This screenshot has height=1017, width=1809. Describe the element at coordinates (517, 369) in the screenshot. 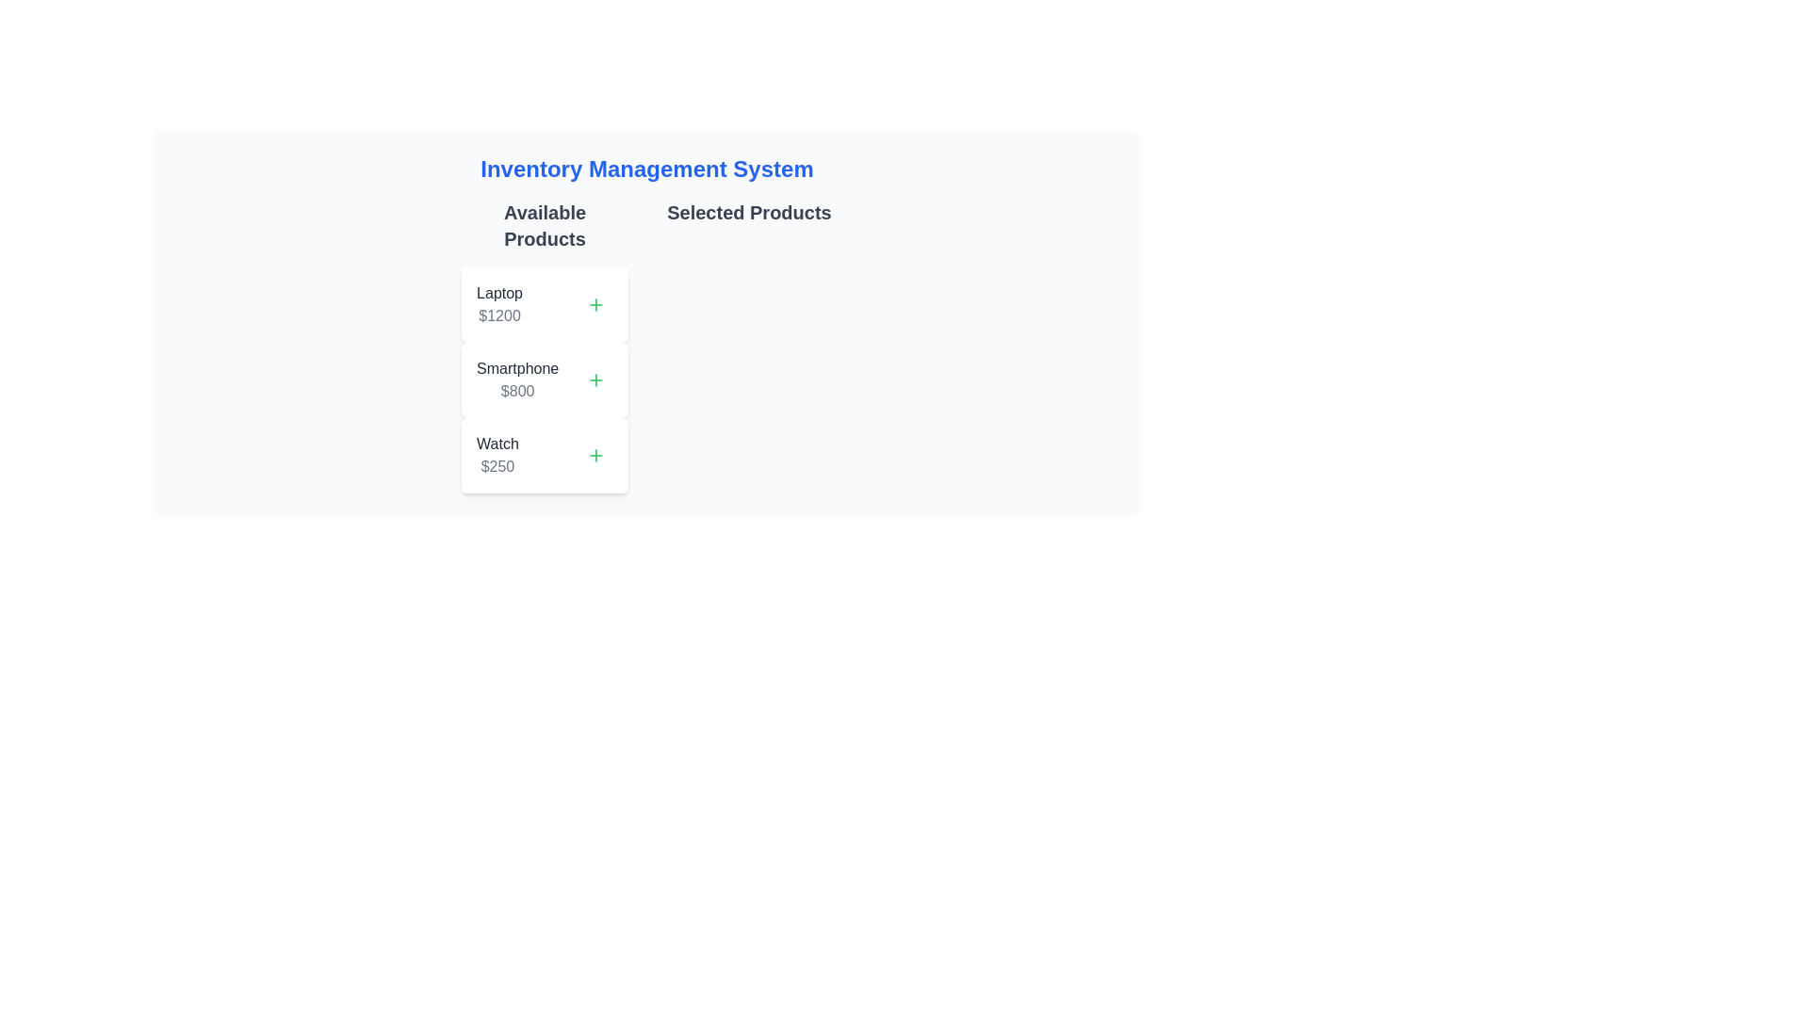

I see `text from the 'Smartphone' label, which serves as the title of the product displayed and is positioned directly above the price label in the product list` at that location.